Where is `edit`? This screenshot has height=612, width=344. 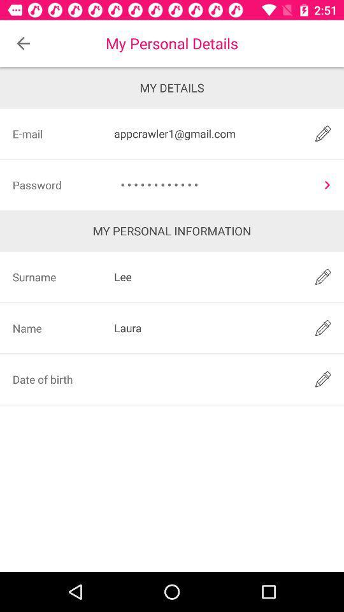
edit is located at coordinates (323, 133).